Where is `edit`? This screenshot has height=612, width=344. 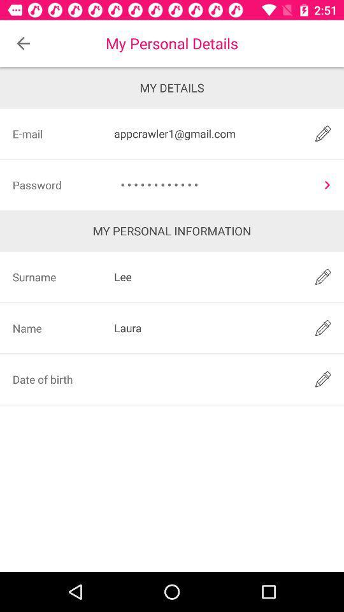
edit is located at coordinates (323, 133).